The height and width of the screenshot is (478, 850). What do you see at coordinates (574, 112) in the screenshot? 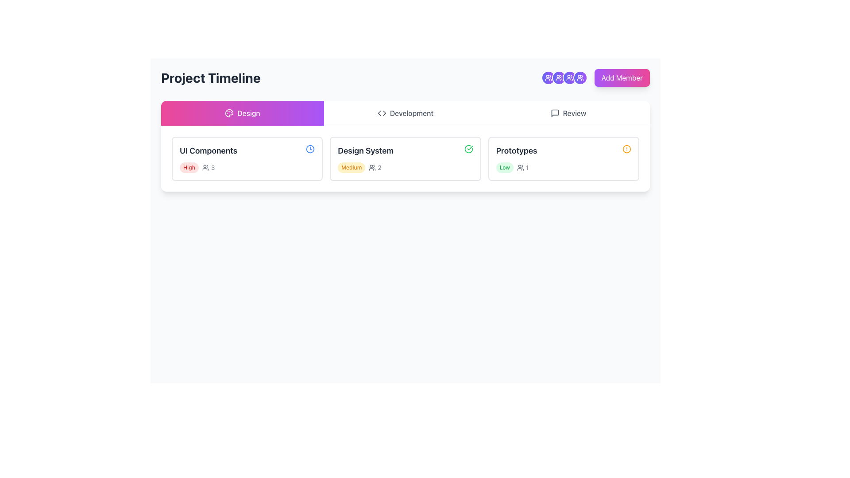
I see `the 'Review' text label, which is a medium-weight gray text located on the right side of the interface near the top, adjacent to an icon related to comments` at bounding box center [574, 112].